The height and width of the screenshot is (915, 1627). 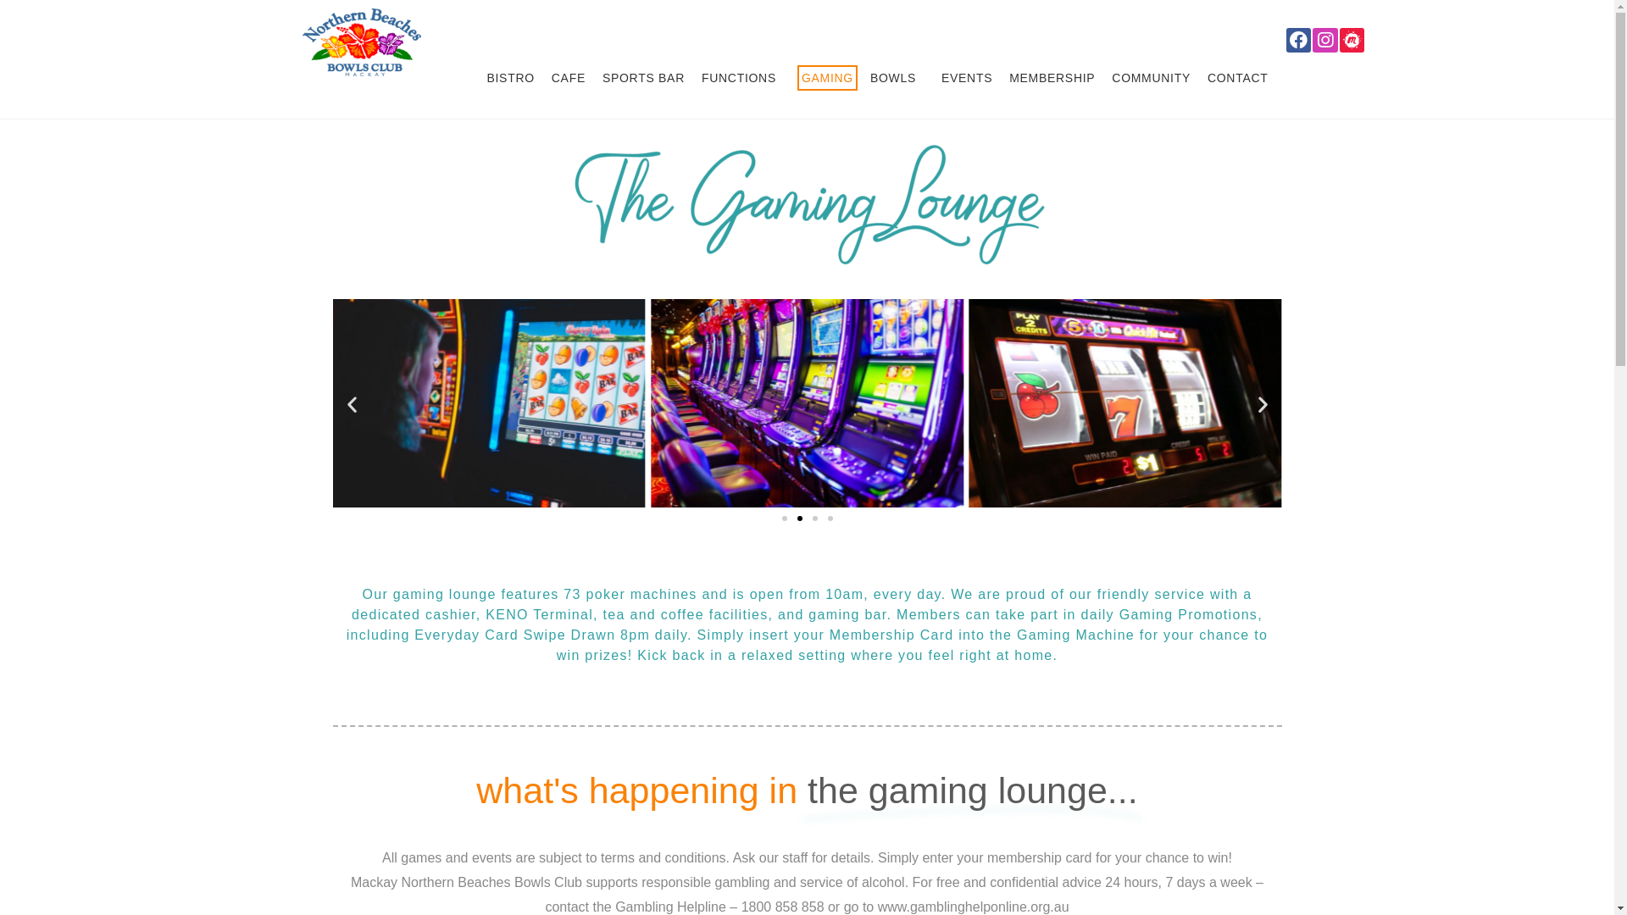 What do you see at coordinates (1202, 78) in the screenshot?
I see `'CONTACT'` at bounding box center [1202, 78].